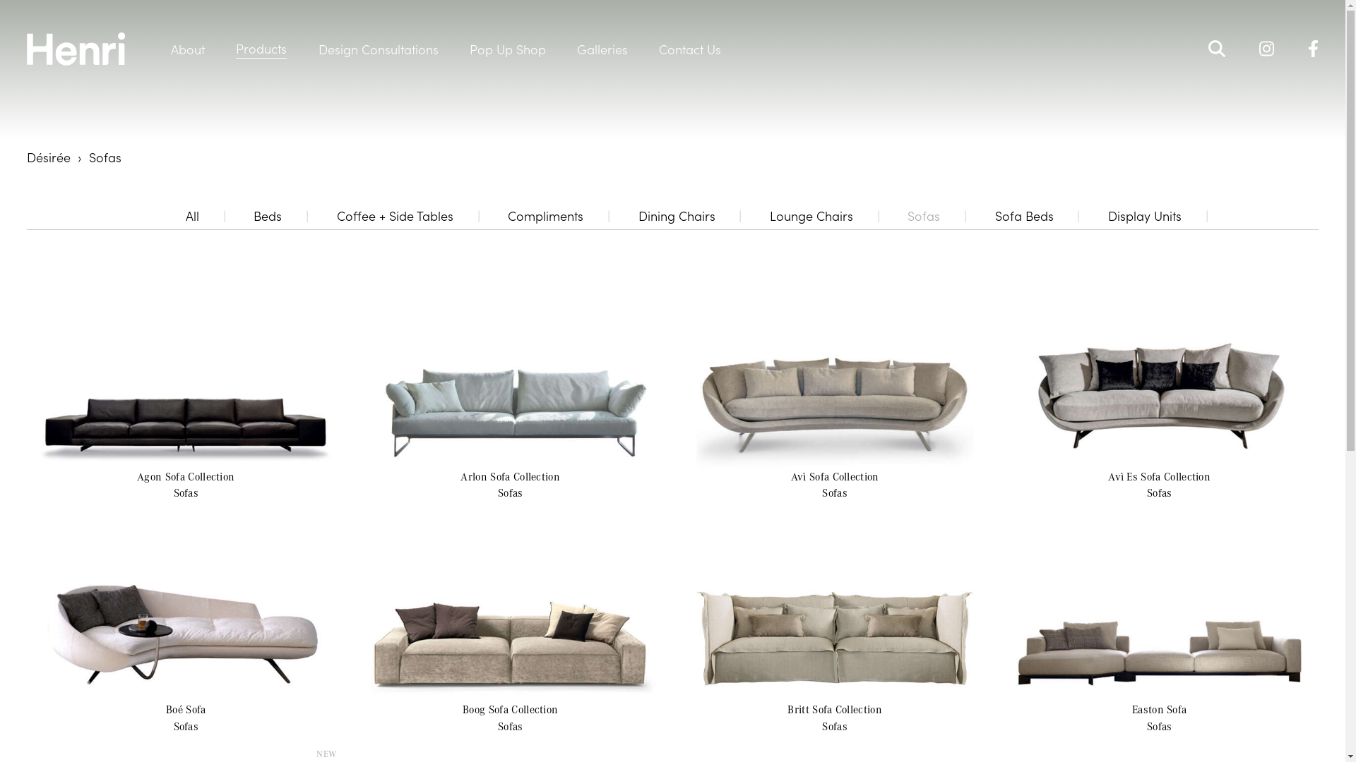 This screenshot has height=762, width=1356. I want to click on 'Compliments', so click(508, 215).